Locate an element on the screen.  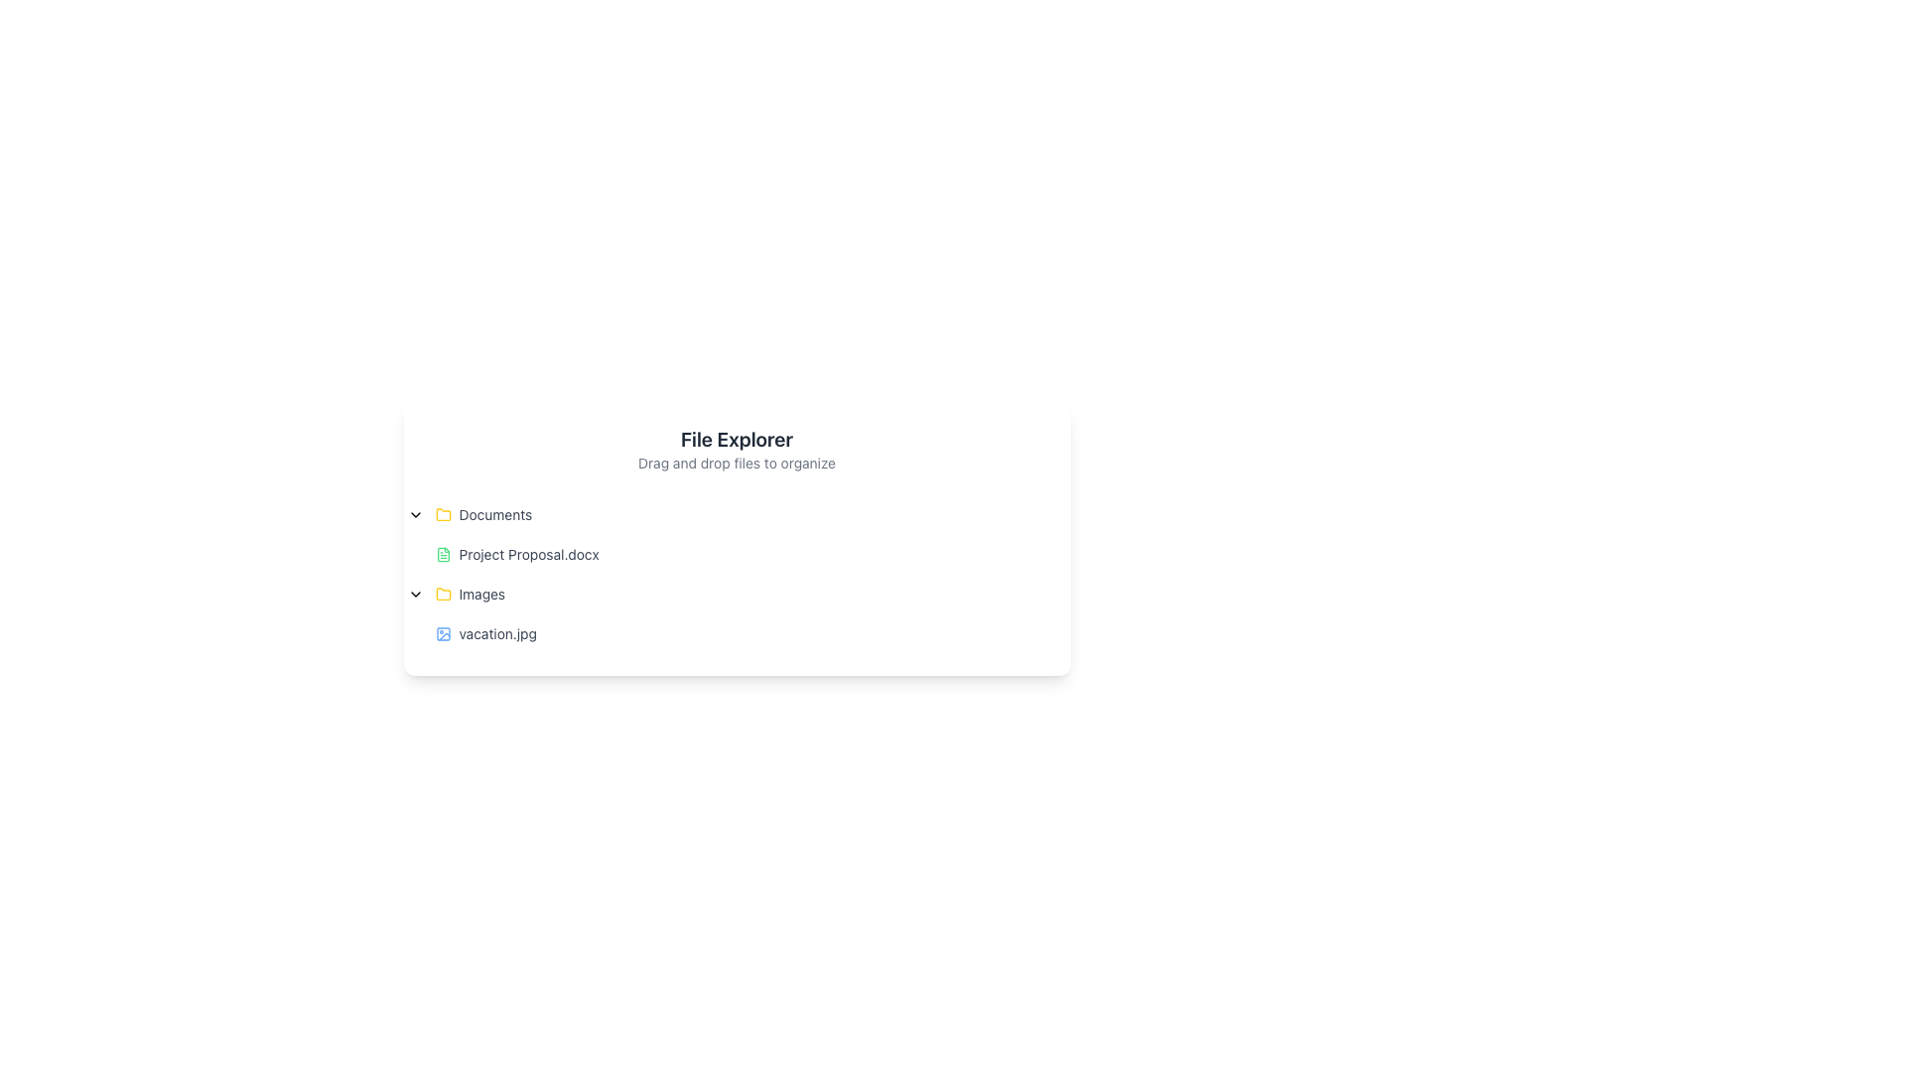
the file document icon representing 'Project Proposal.docx' in the file explorer, located under the 'Documents' folder group is located at coordinates (442, 555).